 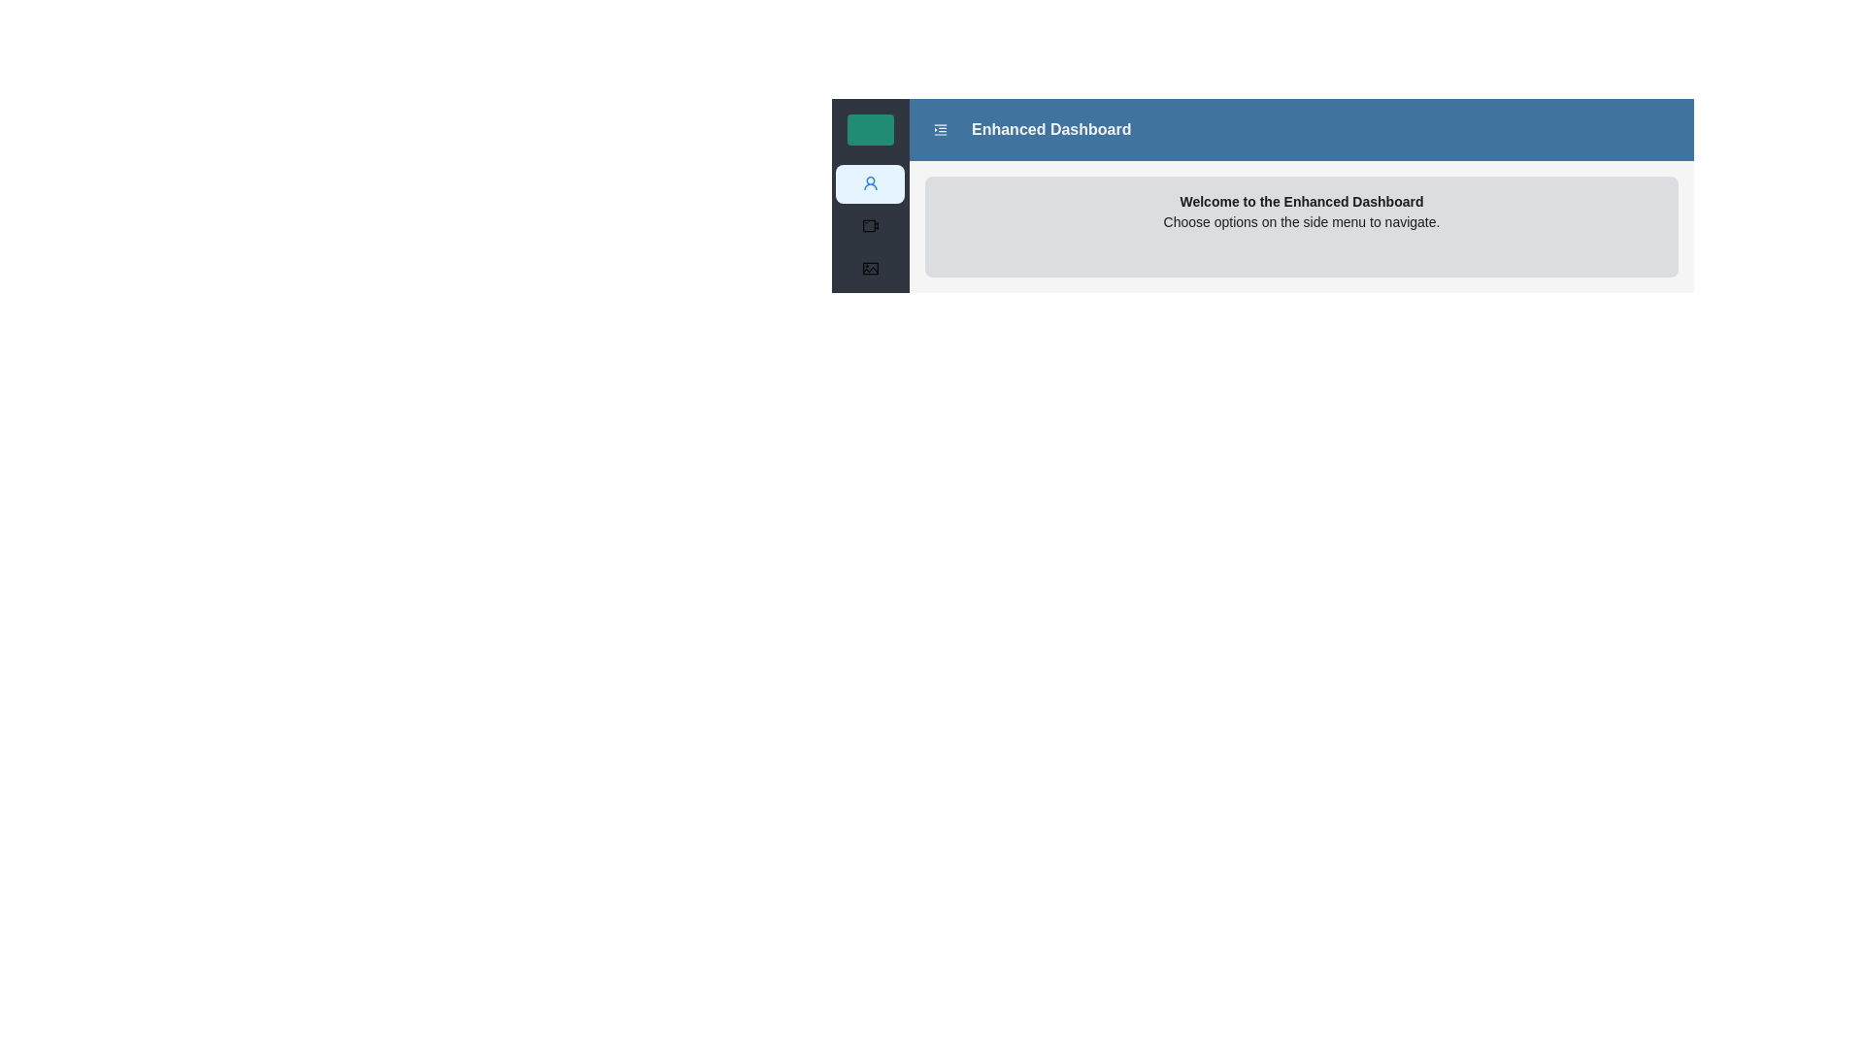 What do you see at coordinates (869, 183) in the screenshot?
I see `the user profile icon located in the second position from the top of the sidebar menu` at bounding box center [869, 183].